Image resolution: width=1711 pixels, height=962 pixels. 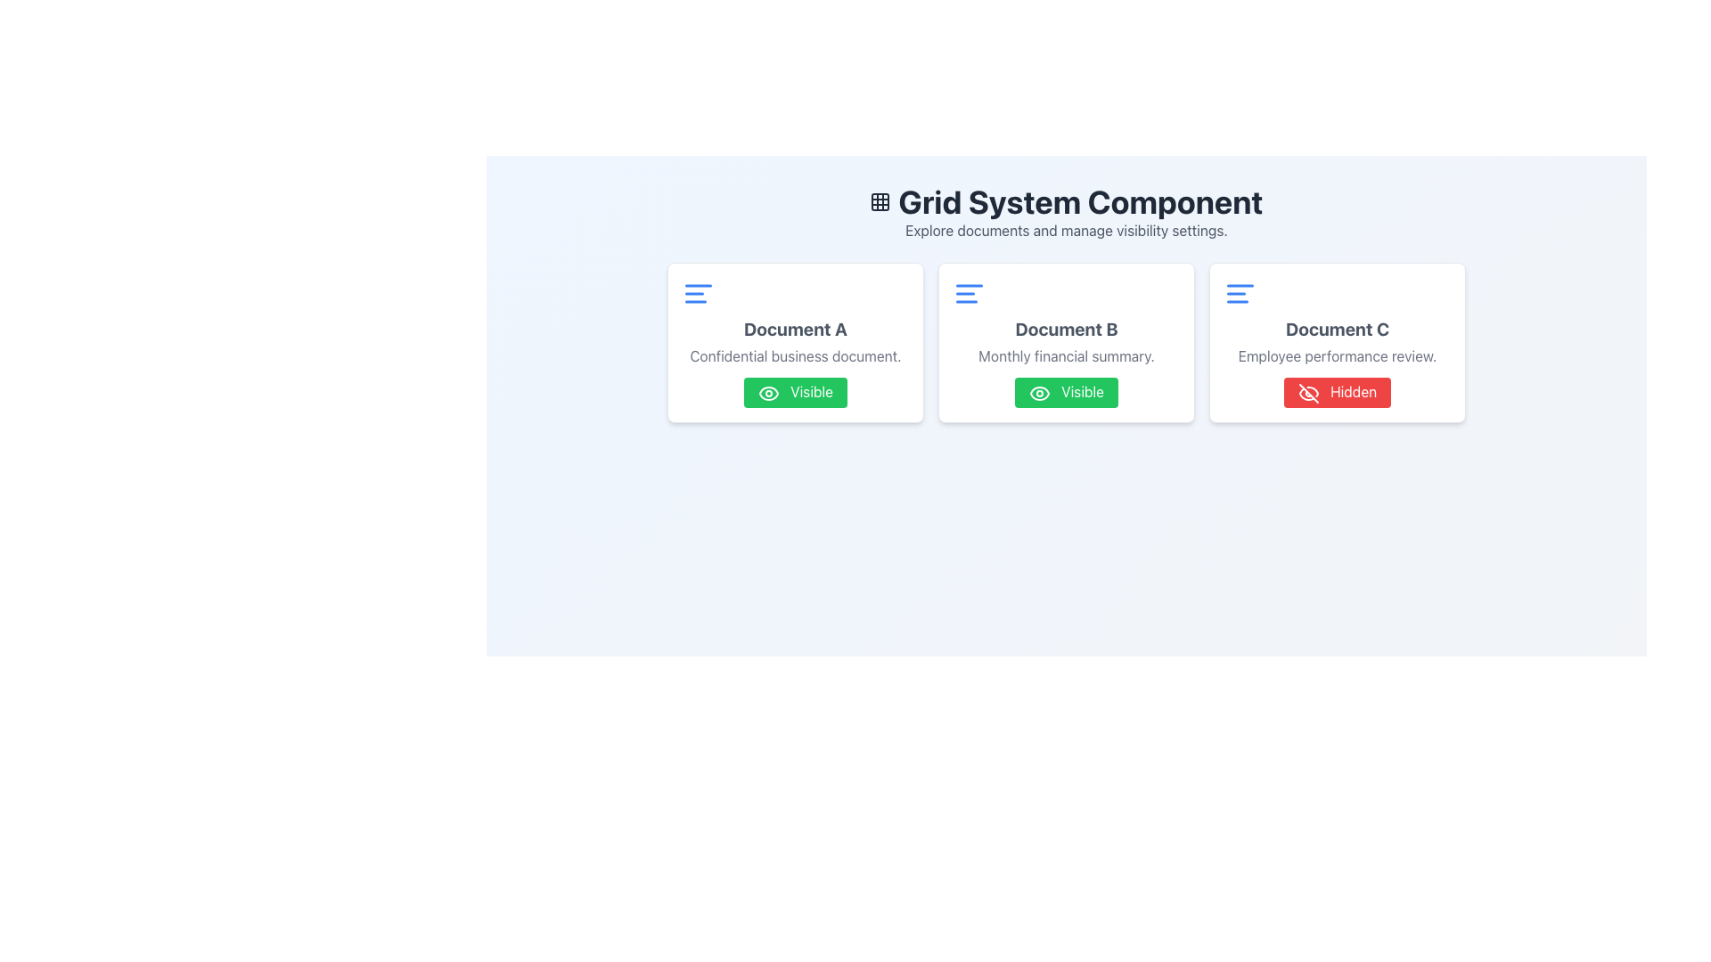 I want to click on the interactive button at the bottom of the 'Document A' card, so click(x=794, y=391).